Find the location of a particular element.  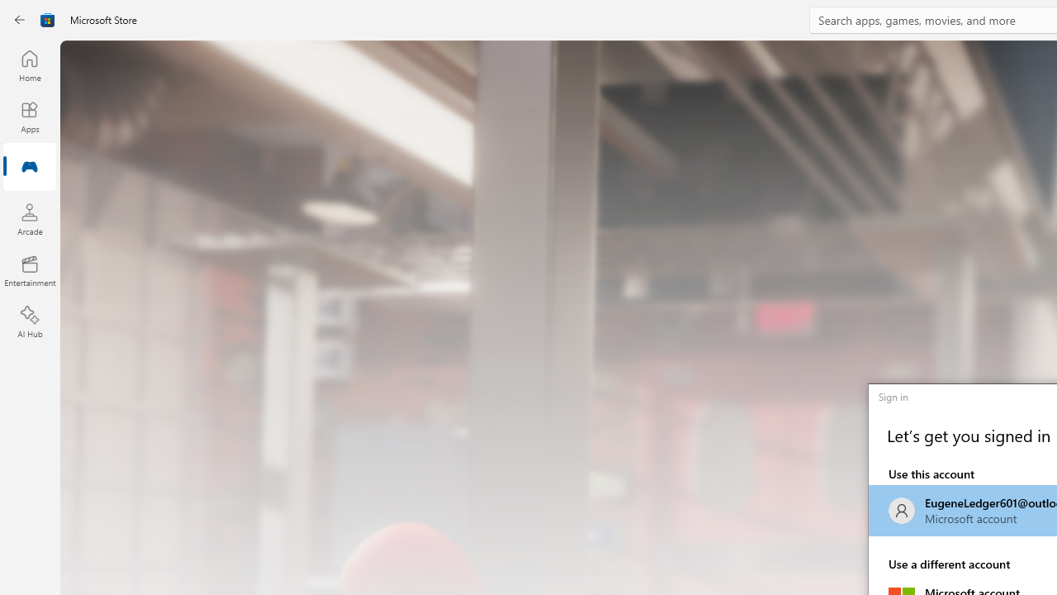

'AI Hub' is located at coordinates (29, 322).